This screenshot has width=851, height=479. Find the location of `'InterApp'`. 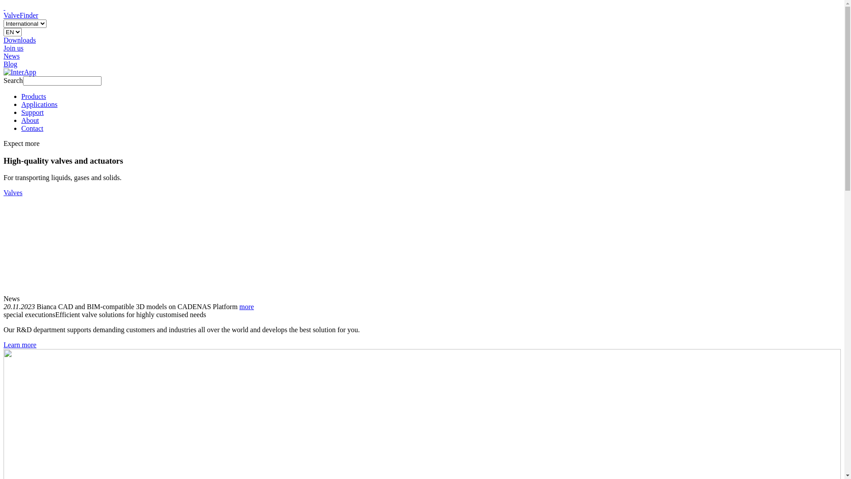

'InterApp' is located at coordinates (20, 71).